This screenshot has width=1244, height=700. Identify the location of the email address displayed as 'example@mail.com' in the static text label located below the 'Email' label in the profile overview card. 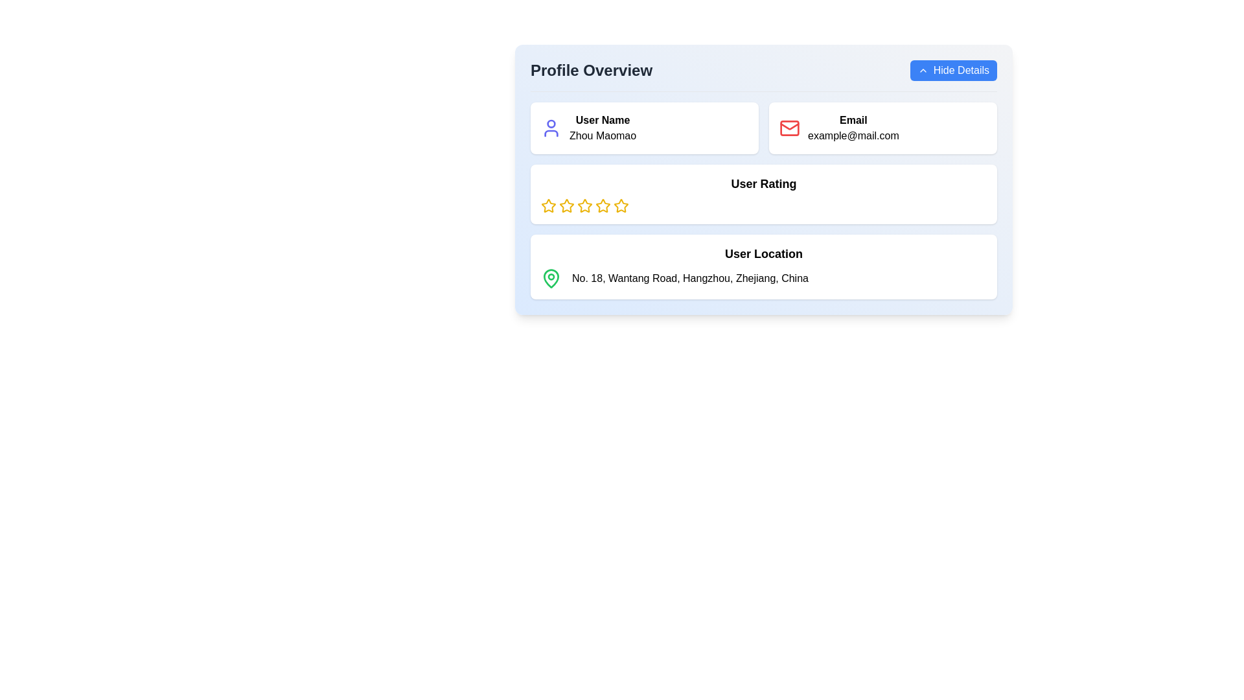
(853, 135).